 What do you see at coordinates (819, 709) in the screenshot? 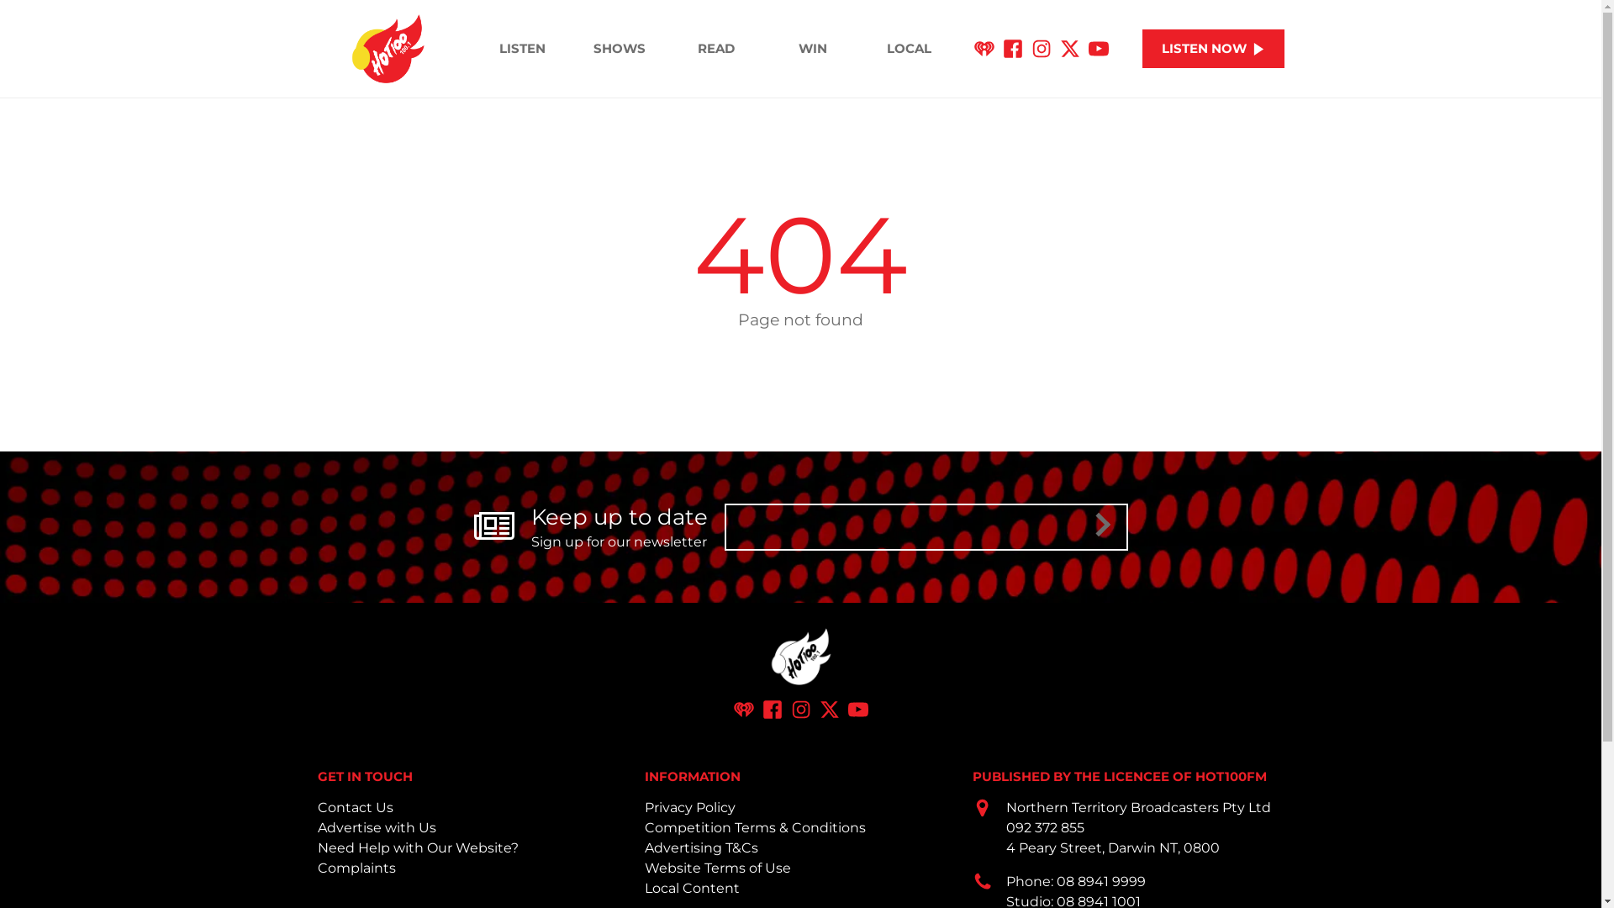
I see `'Twitter/X'` at bounding box center [819, 709].